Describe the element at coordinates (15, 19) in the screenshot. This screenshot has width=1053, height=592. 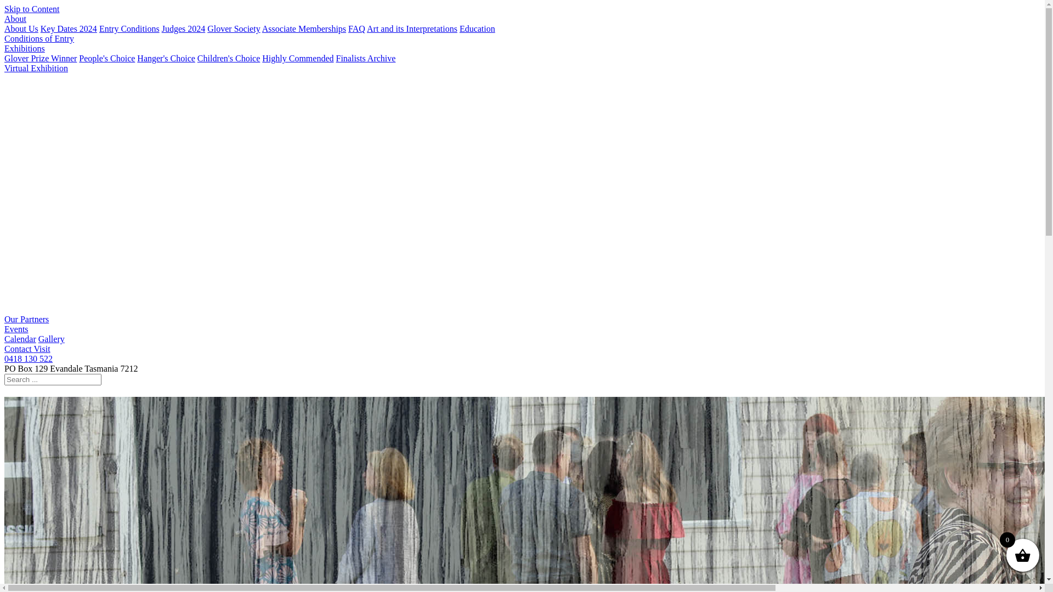
I see `'About'` at that location.